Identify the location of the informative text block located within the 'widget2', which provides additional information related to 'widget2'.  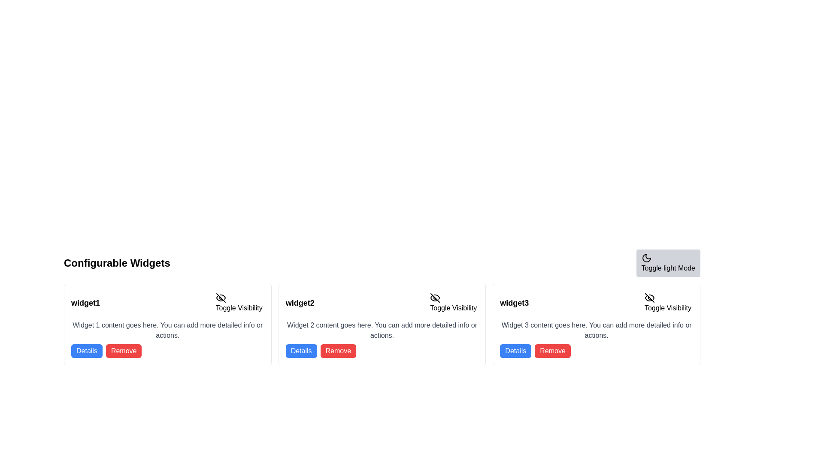
(382, 338).